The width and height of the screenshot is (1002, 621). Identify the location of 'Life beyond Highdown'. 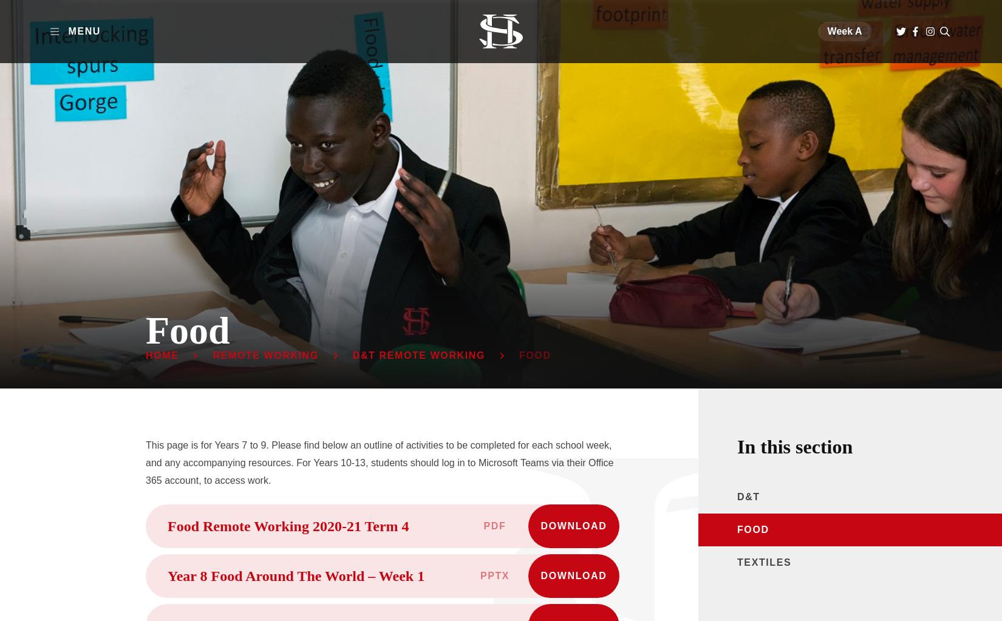
(406, 82).